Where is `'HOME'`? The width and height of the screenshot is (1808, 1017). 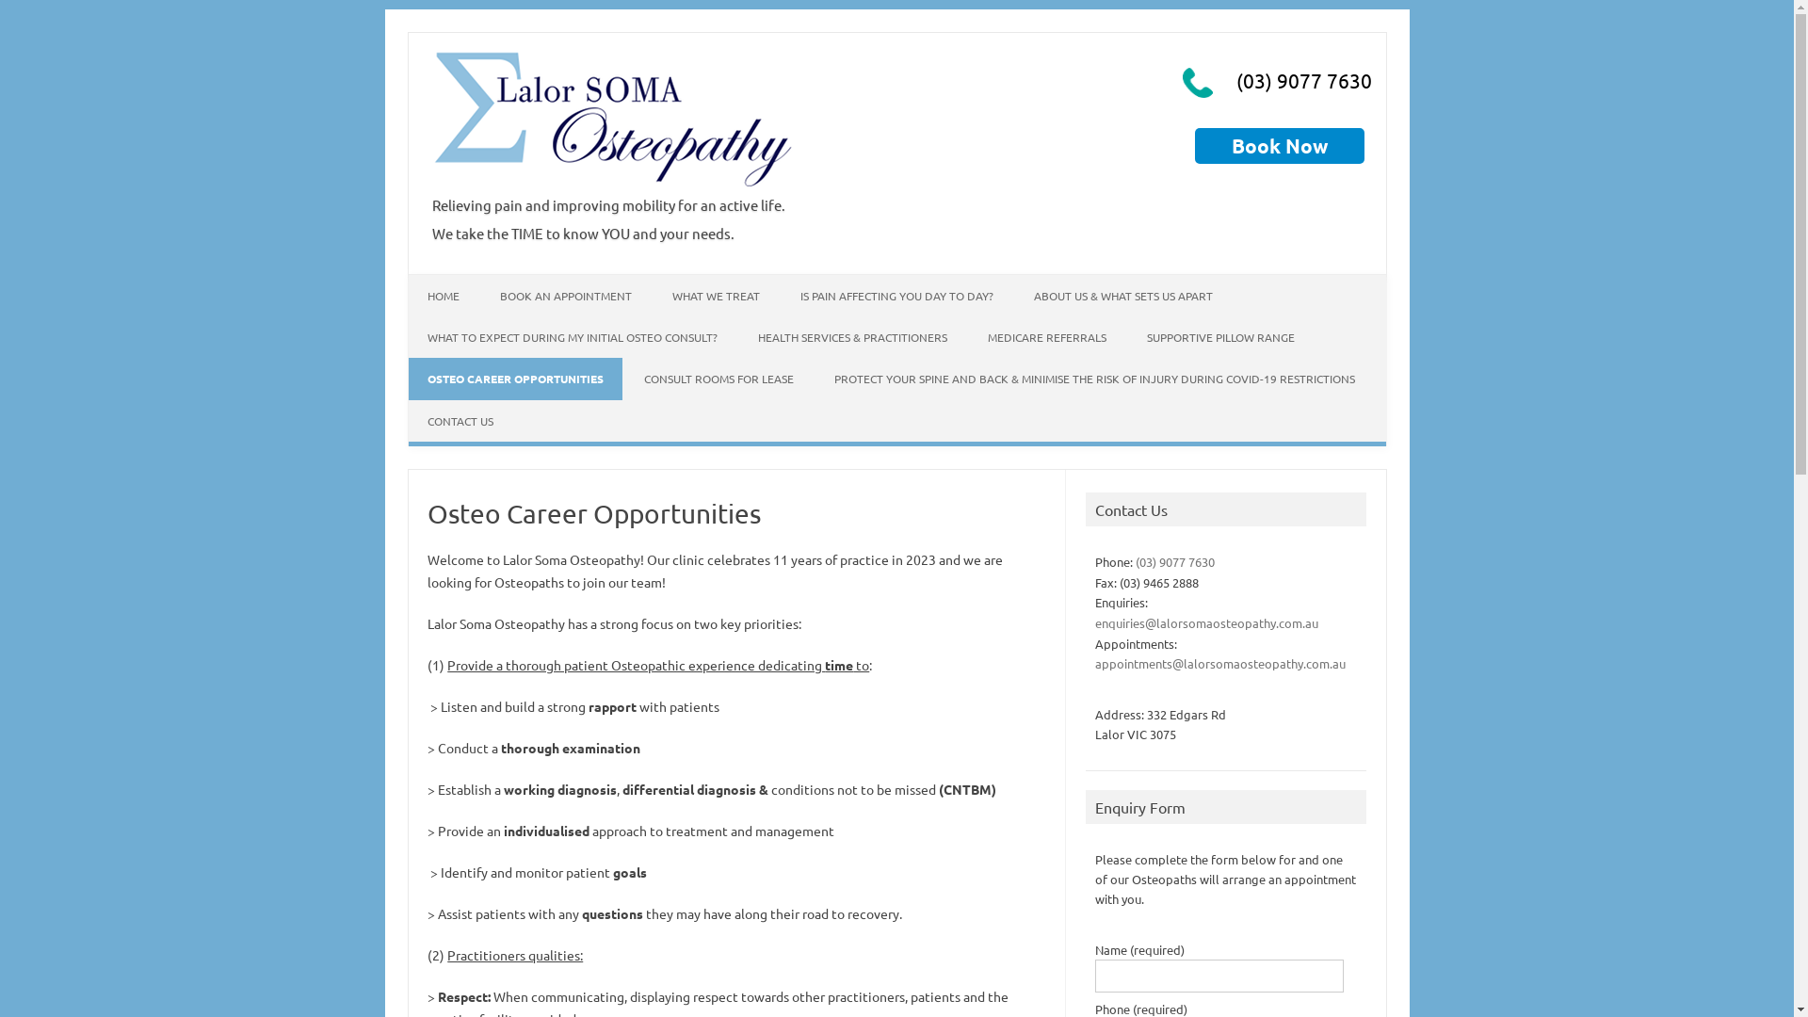
'HOME' is located at coordinates (442, 295).